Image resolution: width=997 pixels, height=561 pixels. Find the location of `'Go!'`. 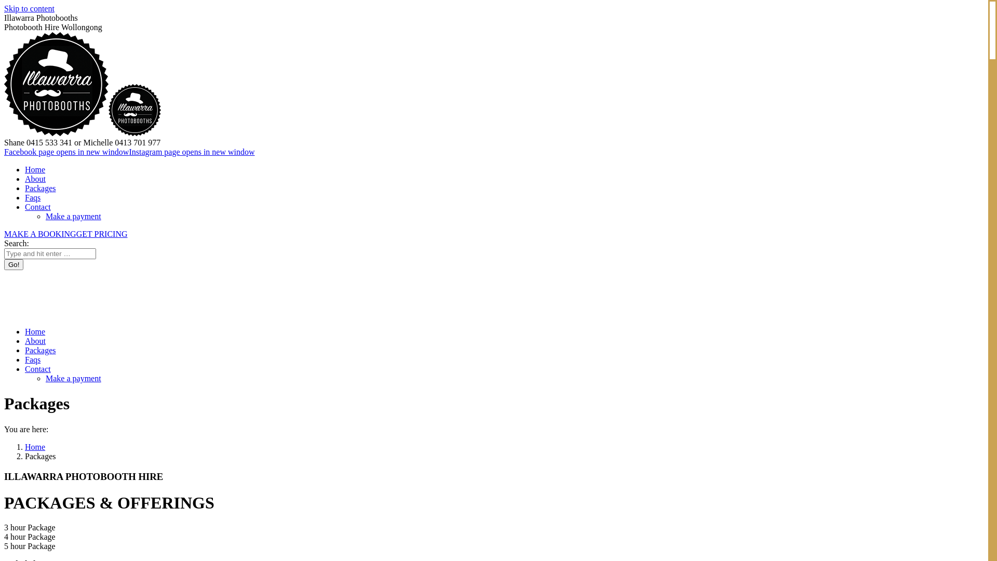

'Go!' is located at coordinates (14, 264).